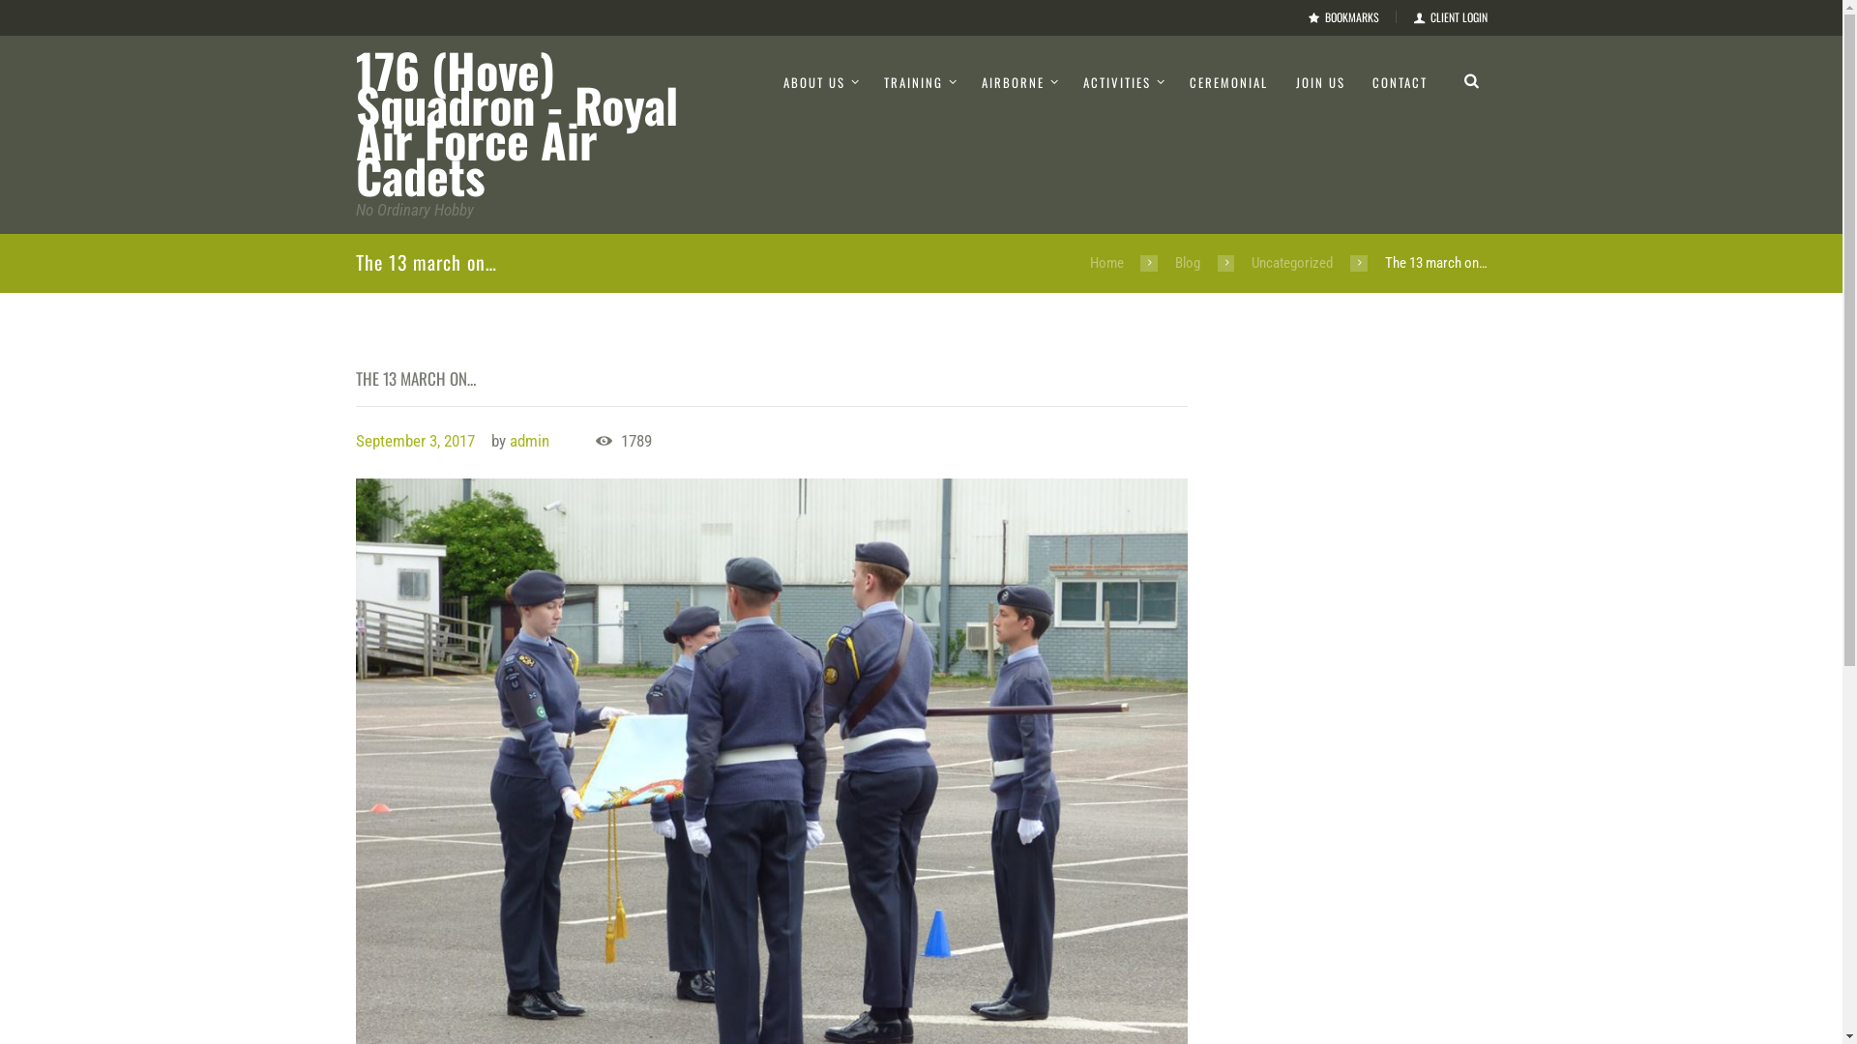 The height and width of the screenshot is (1044, 1857). I want to click on 'ABOUT US', so click(820, 81).